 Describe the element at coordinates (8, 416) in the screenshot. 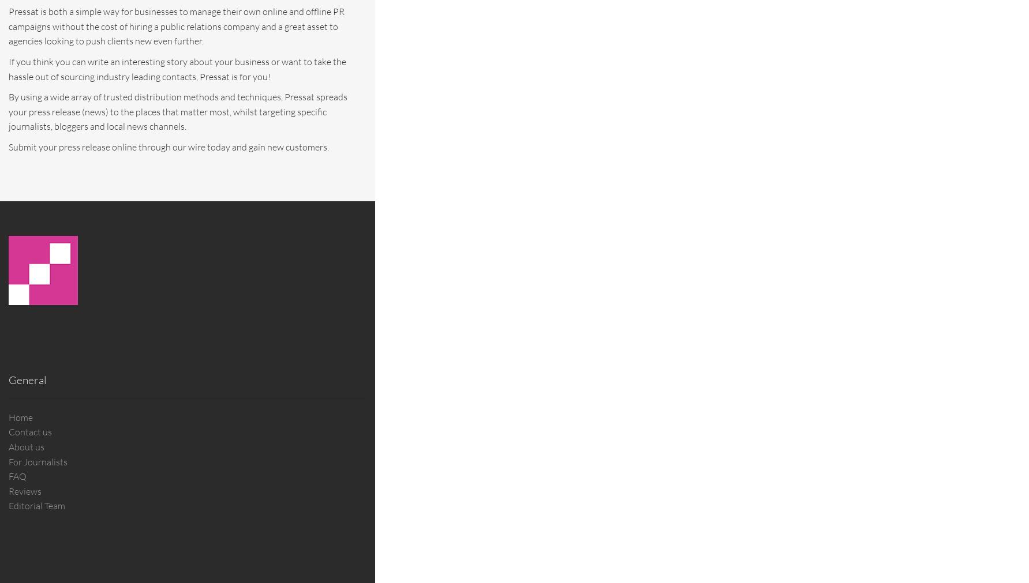

I see `'Home'` at that location.